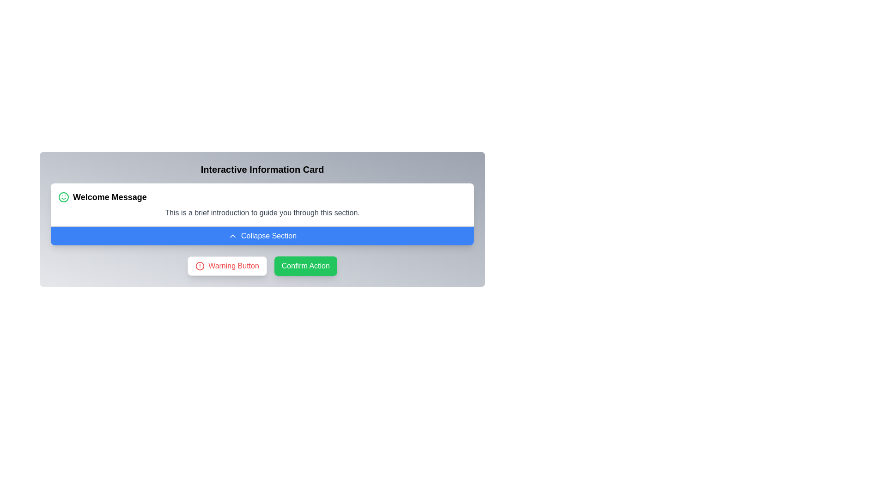 The image size is (887, 499). I want to click on the blue button labeled 'Collapse Section' with a chevron-up icon, so click(261, 235).